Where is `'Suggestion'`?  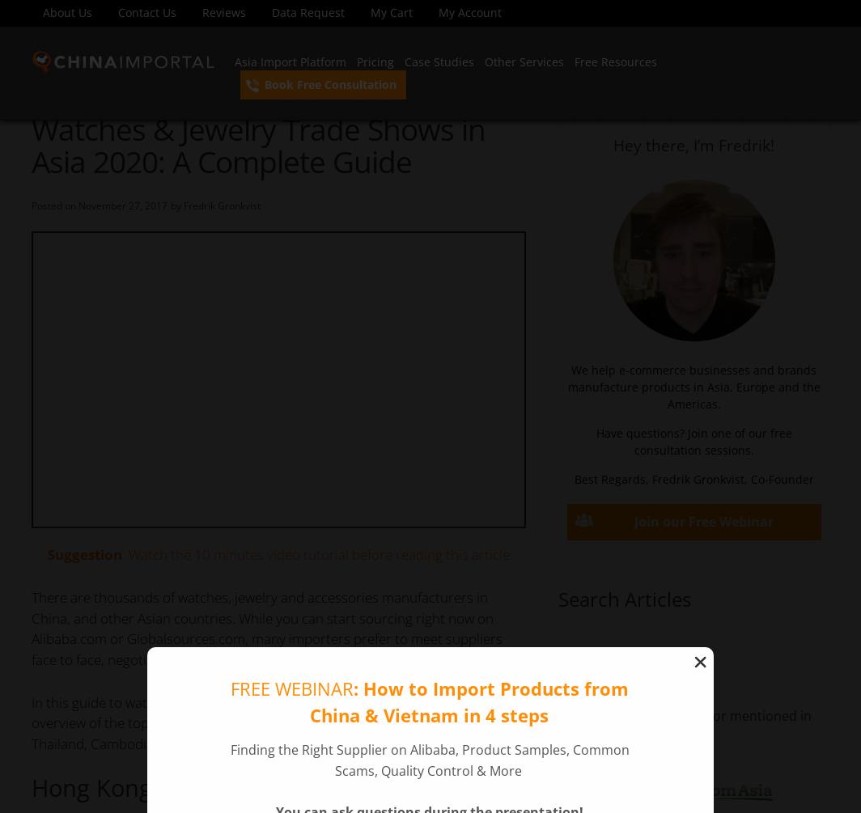 'Suggestion' is located at coordinates (46, 554).